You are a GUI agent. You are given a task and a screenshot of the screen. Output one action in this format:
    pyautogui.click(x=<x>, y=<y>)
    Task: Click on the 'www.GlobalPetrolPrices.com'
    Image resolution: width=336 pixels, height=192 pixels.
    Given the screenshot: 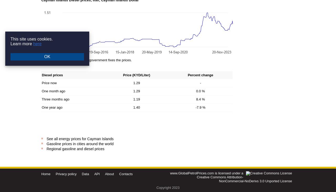 What is the action you would take?
    pyautogui.click(x=191, y=173)
    